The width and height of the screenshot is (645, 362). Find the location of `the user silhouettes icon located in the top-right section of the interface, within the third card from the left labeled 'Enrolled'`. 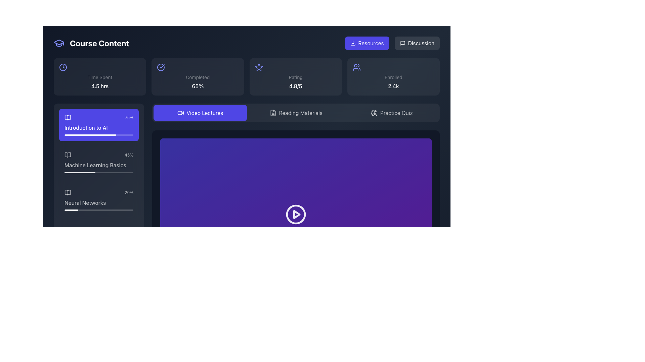

the user silhouettes icon located in the top-right section of the interface, within the third card from the left labeled 'Enrolled' is located at coordinates (356, 67).